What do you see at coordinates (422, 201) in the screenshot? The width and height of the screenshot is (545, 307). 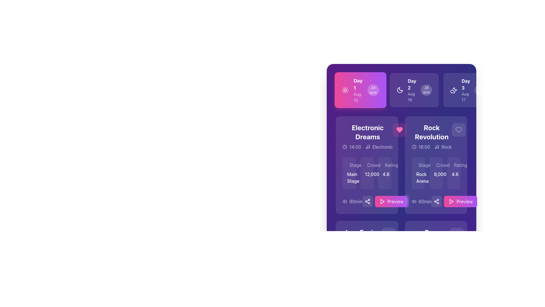 I see `the Label with a sound icon displaying '60min' on a purple background, located to the left of the 'Preview' button in the 'Rock Revolution' section` at bounding box center [422, 201].